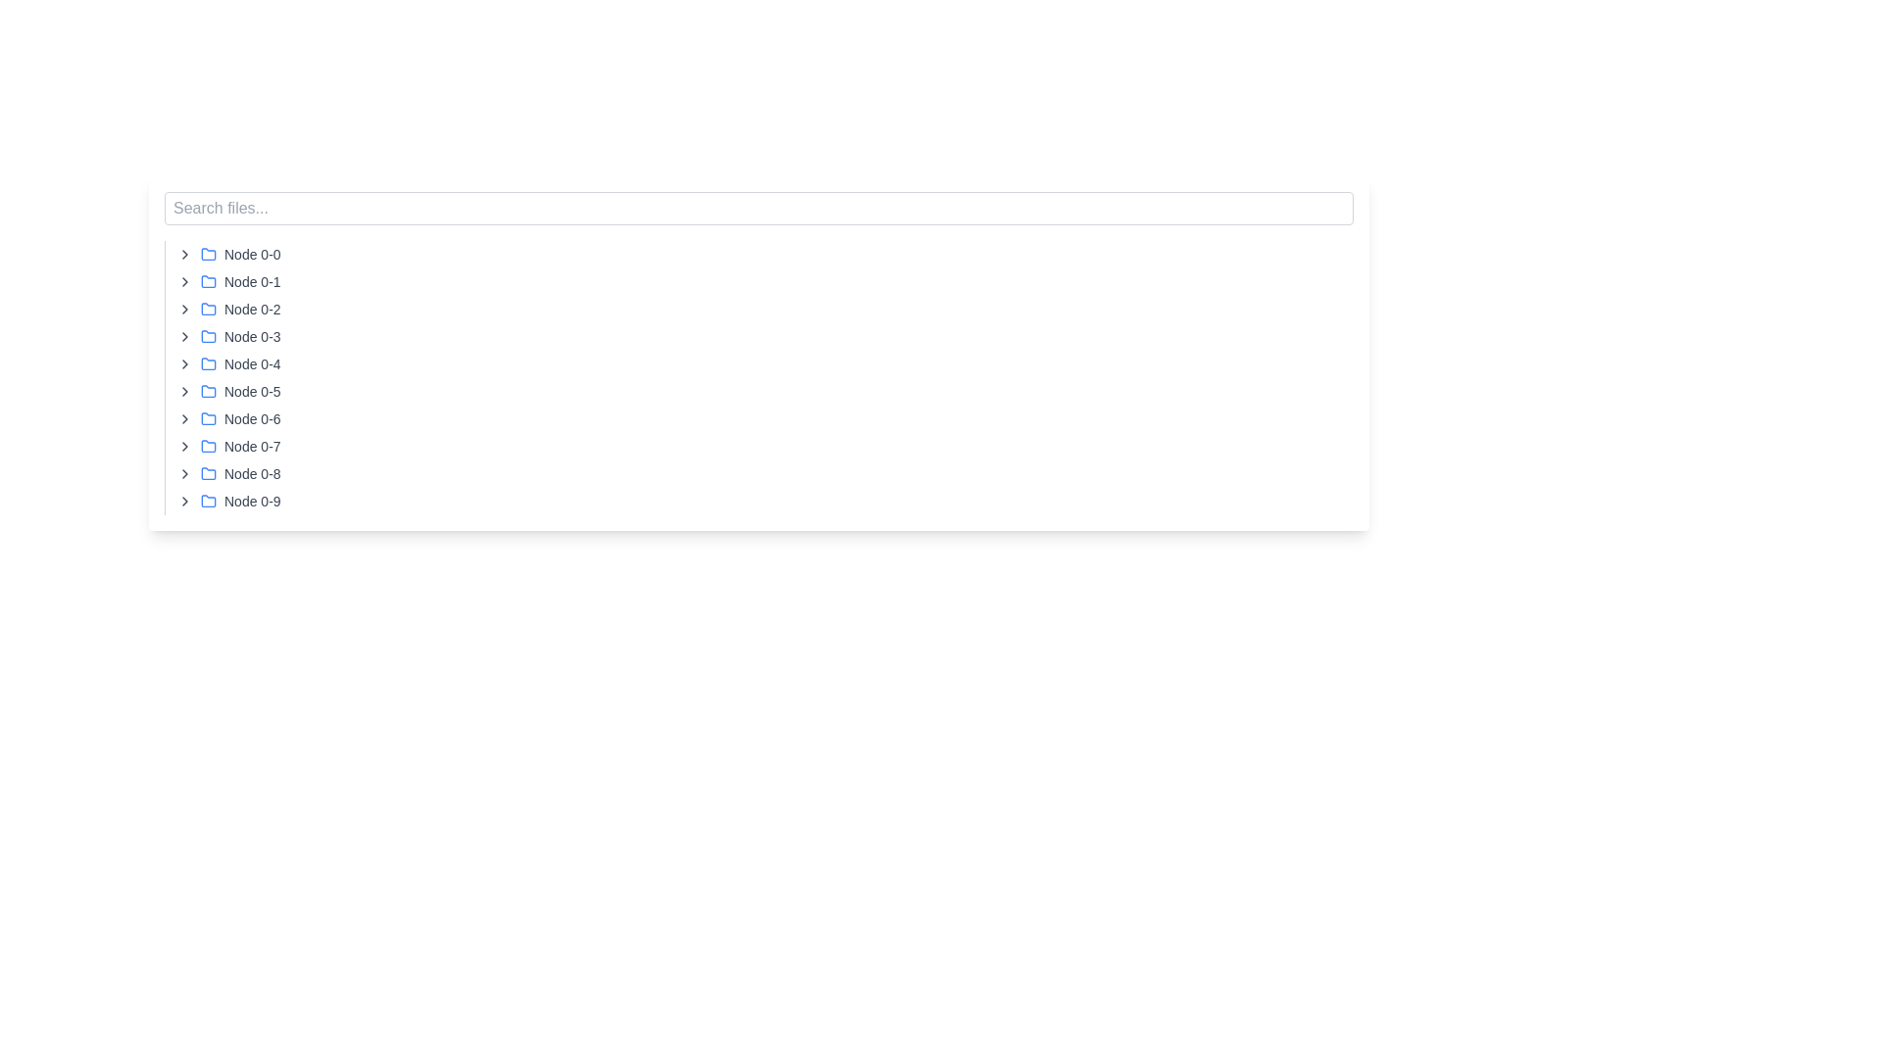 Image resolution: width=1882 pixels, height=1058 pixels. Describe the element at coordinates (184, 501) in the screenshot. I see `the Chevron Icon located to the far left beside the folder icon and the text 'Node 0-9'` at that location.